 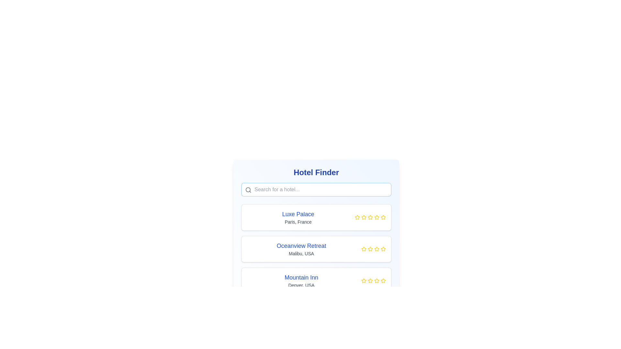 What do you see at coordinates (370, 217) in the screenshot?
I see `the fifth yellow star icon in the rating system located to the right of 'Luxe Palace, Paris, France' to give it a rating` at bounding box center [370, 217].